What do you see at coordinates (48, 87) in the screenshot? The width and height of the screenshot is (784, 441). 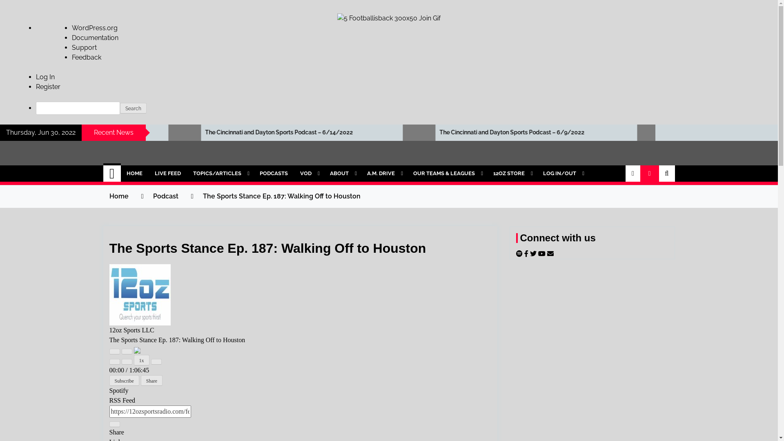 I see `'Register'` at bounding box center [48, 87].